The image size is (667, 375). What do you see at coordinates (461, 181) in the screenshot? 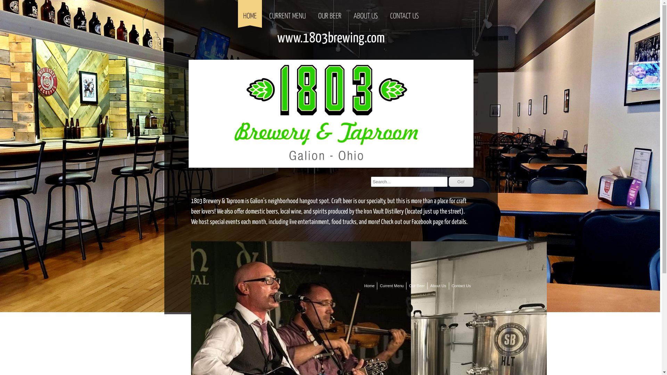
I see `'Go!'` at bounding box center [461, 181].